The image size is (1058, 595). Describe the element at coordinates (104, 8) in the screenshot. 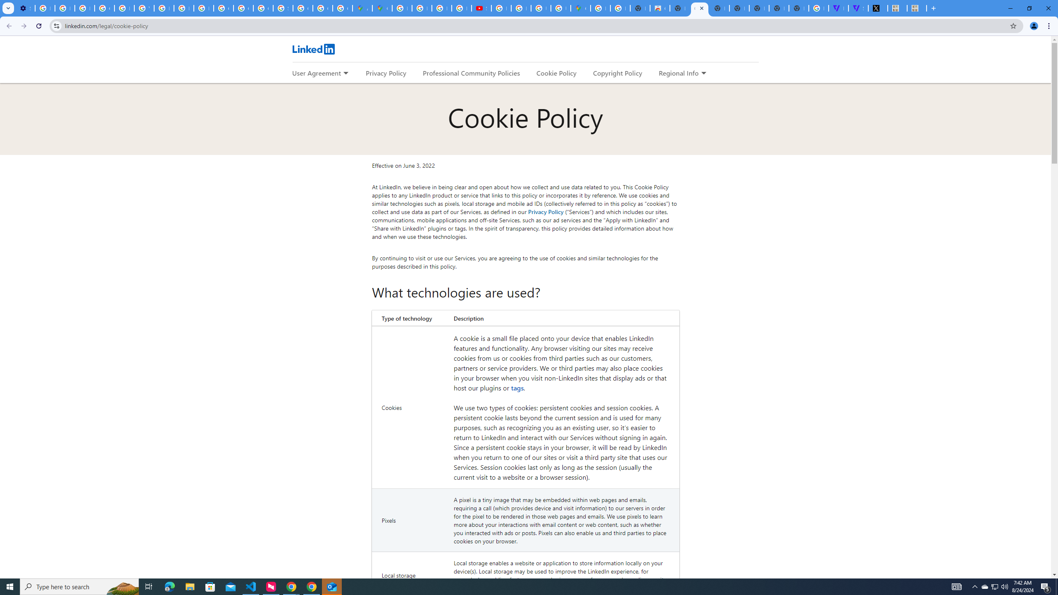

I see `'Google Account Help'` at that location.